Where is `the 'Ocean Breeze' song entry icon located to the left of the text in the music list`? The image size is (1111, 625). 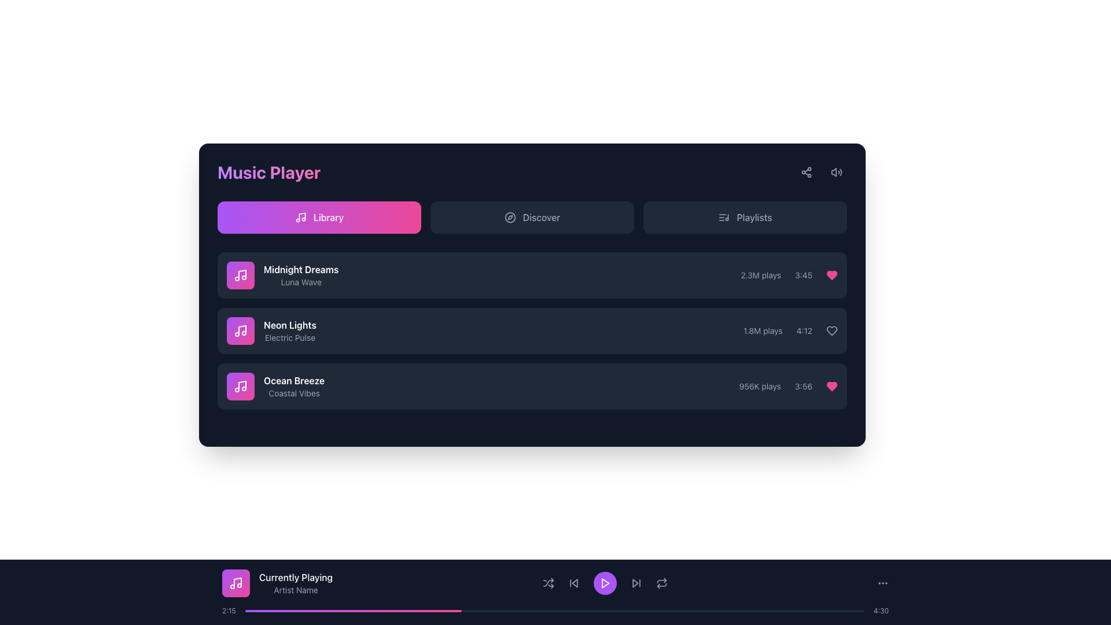 the 'Ocean Breeze' song entry icon located to the left of the text in the music list is located at coordinates (240, 386).